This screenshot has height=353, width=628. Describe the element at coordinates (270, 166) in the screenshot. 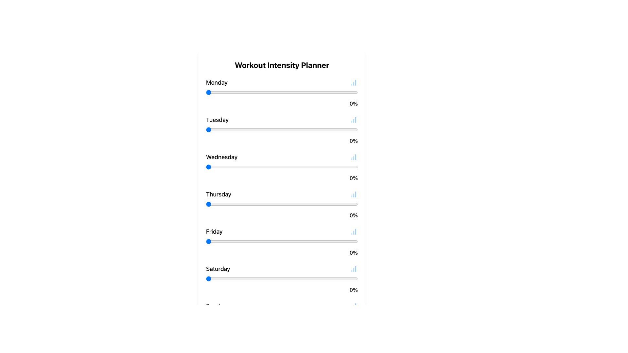

I see `the Wednesday workout intensity` at that location.